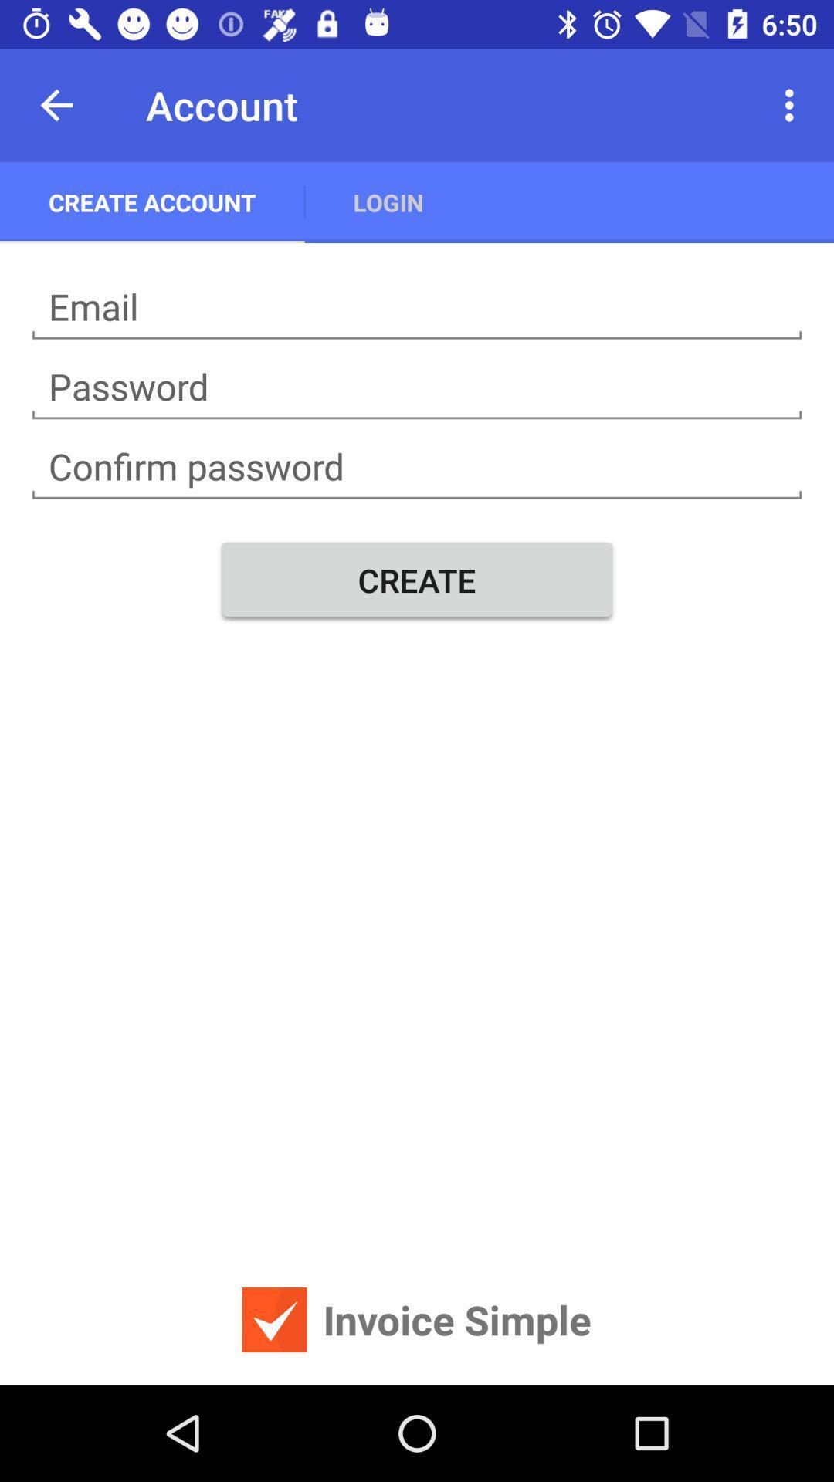 This screenshot has height=1482, width=834. Describe the element at coordinates (388, 201) in the screenshot. I see `icon below the account item` at that location.